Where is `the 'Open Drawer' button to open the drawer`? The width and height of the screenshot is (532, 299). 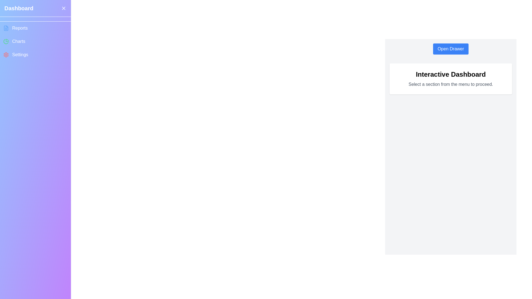
the 'Open Drawer' button to open the drawer is located at coordinates (451, 49).